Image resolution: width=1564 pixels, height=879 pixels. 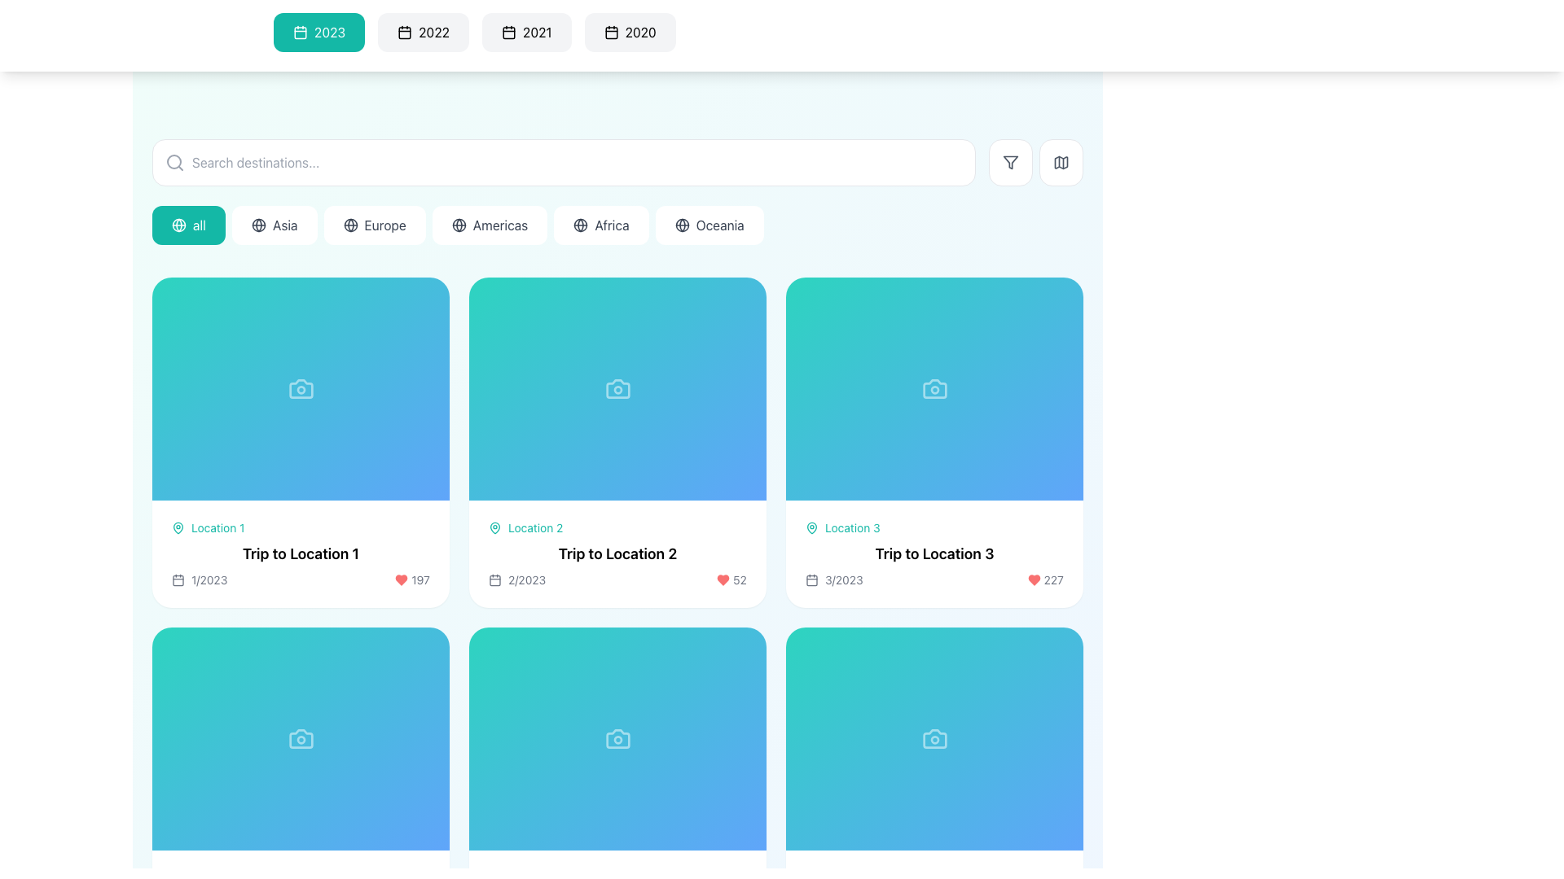 What do you see at coordinates (934, 738) in the screenshot?
I see `the camera icon located in the sixth card of the grid layout, which is positioned in the second row and third column, indicating its functionality for image interaction` at bounding box center [934, 738].